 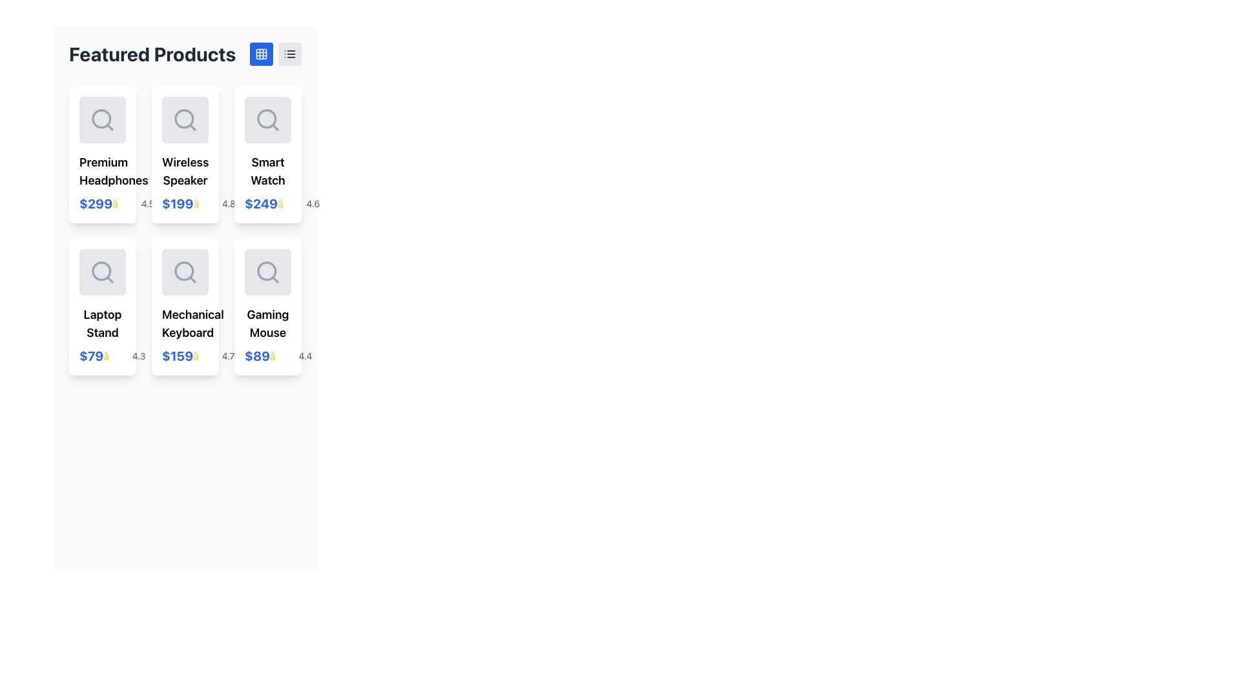 I want to click on the text element displaying the average rating score for the Smart Watch product, located to the right of the yellow star visual in the Featured Products grid, so click(x=313, y=203).